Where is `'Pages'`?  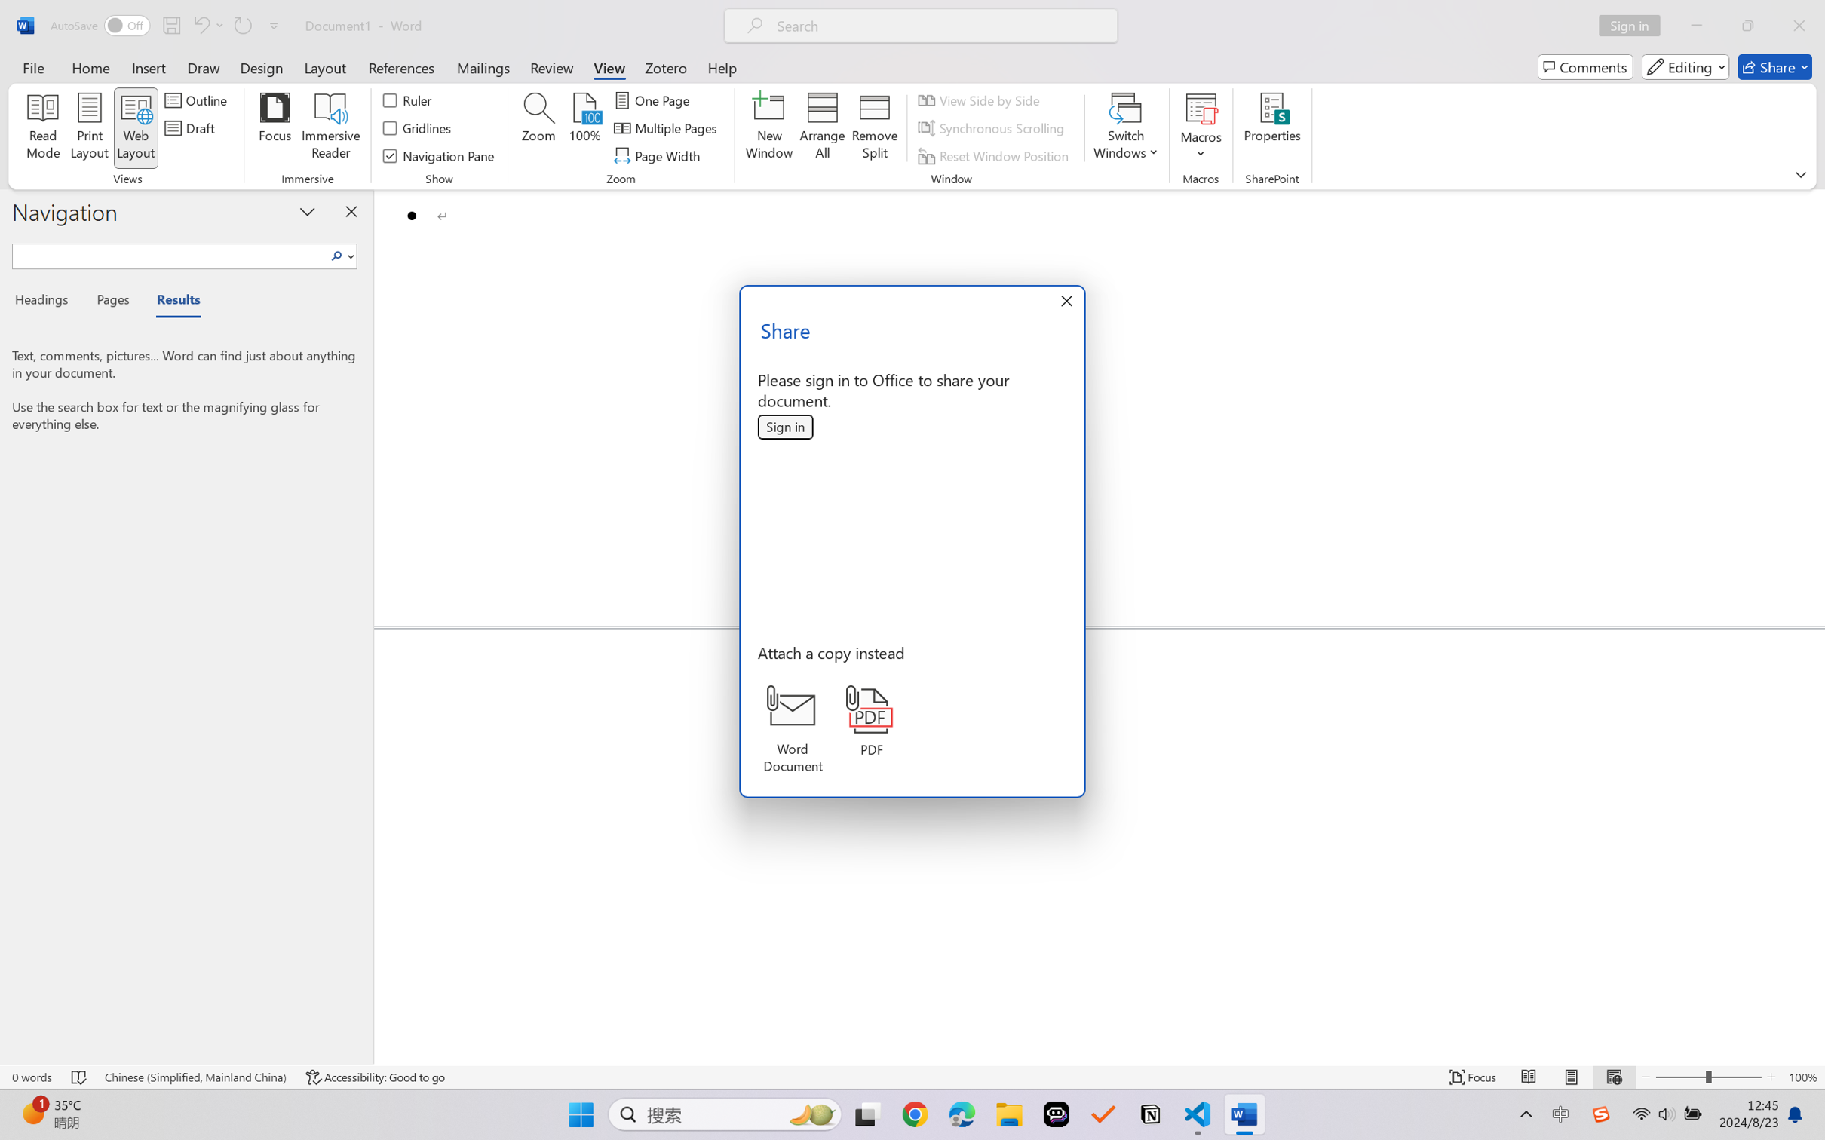 'Pages' is located at coordinates (111, 302).